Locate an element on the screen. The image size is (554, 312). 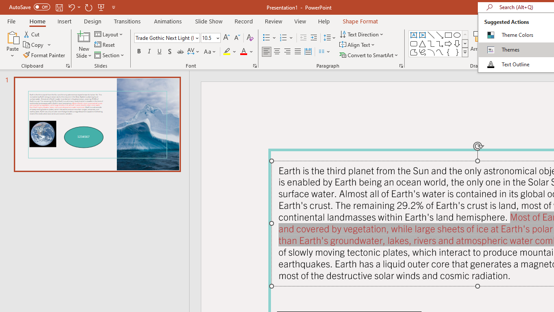
'Align Text' is located at coordinates (358, 45).